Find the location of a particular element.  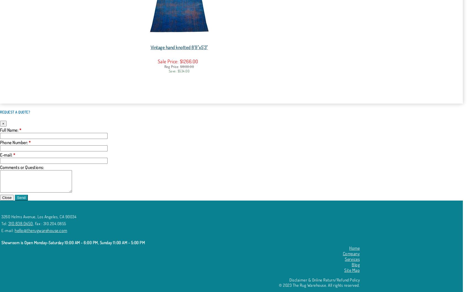

'Company' is located at coordinates (351, 254).